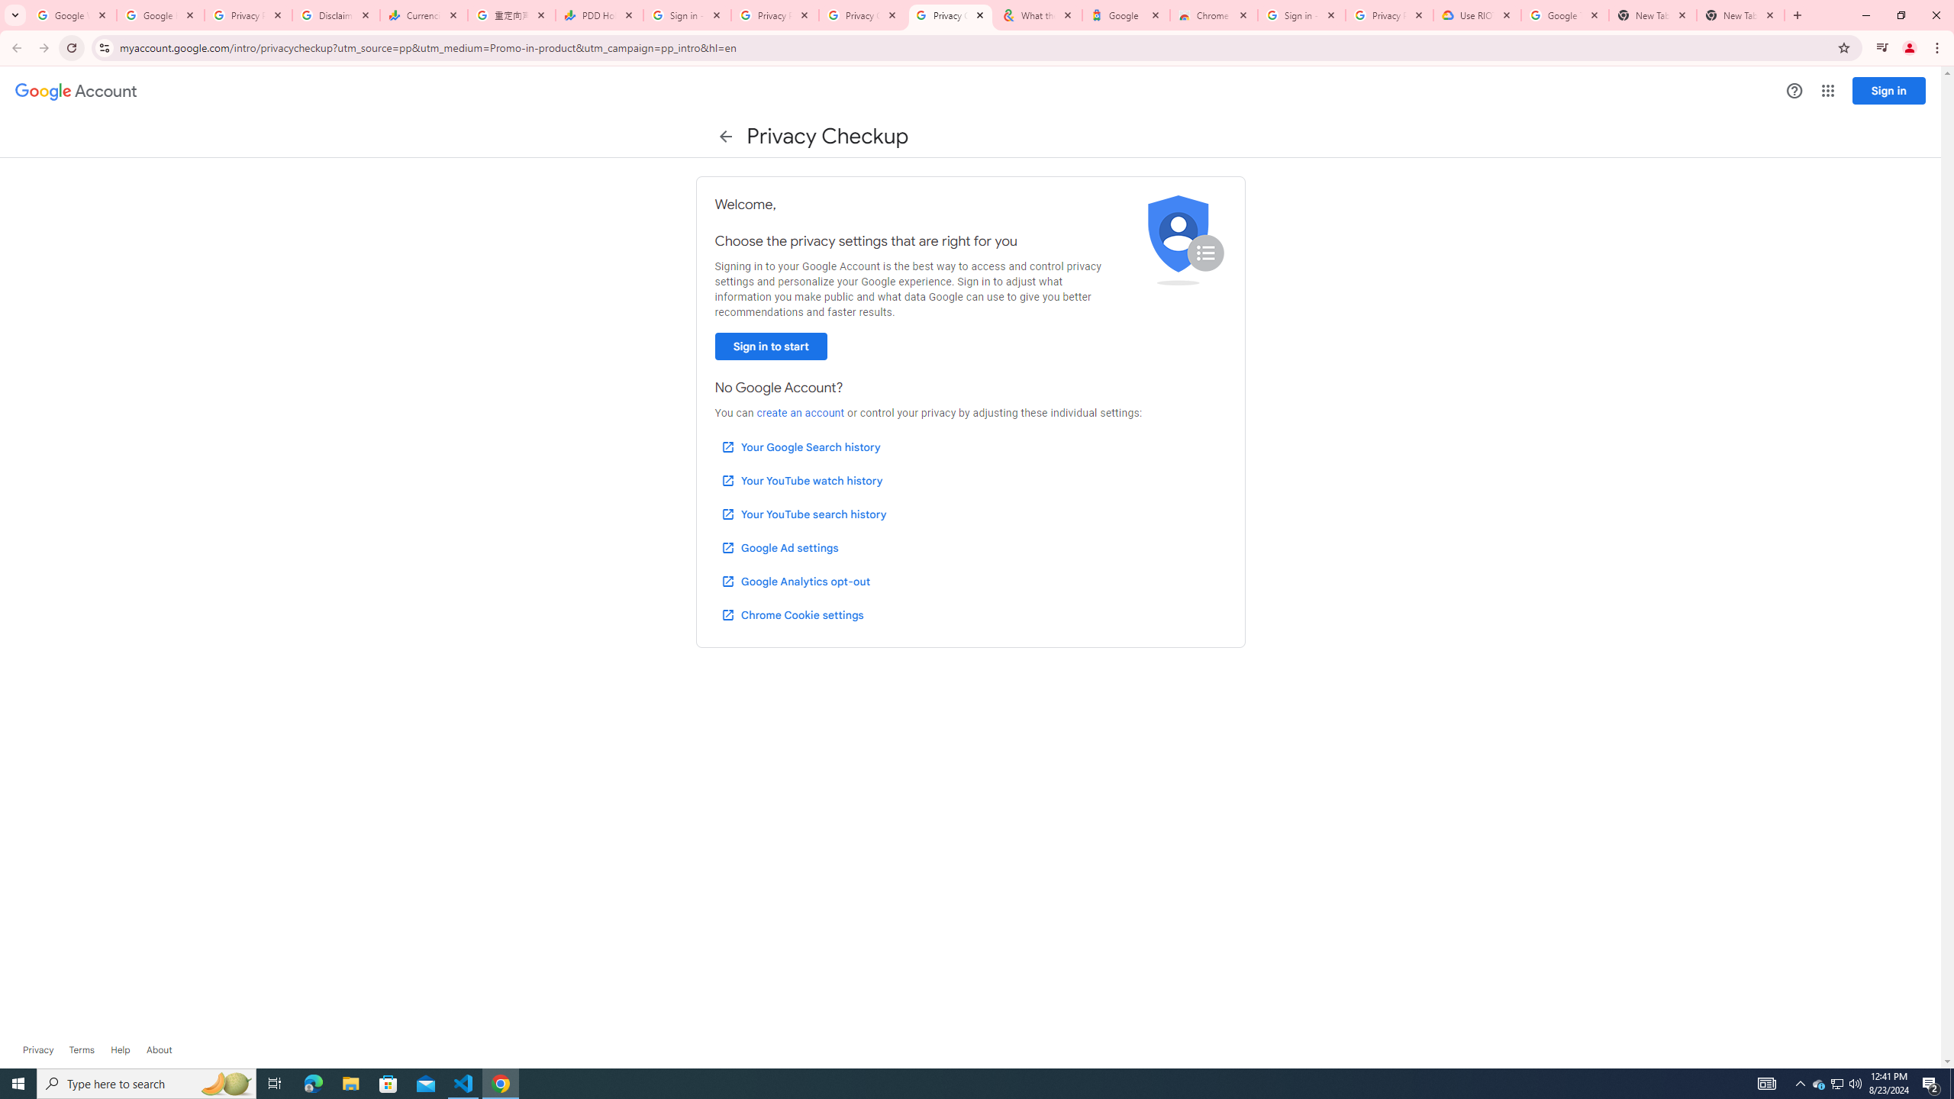 The image size is (1954, 1099). I want to click on 'Google apps', so click(1827, 90).